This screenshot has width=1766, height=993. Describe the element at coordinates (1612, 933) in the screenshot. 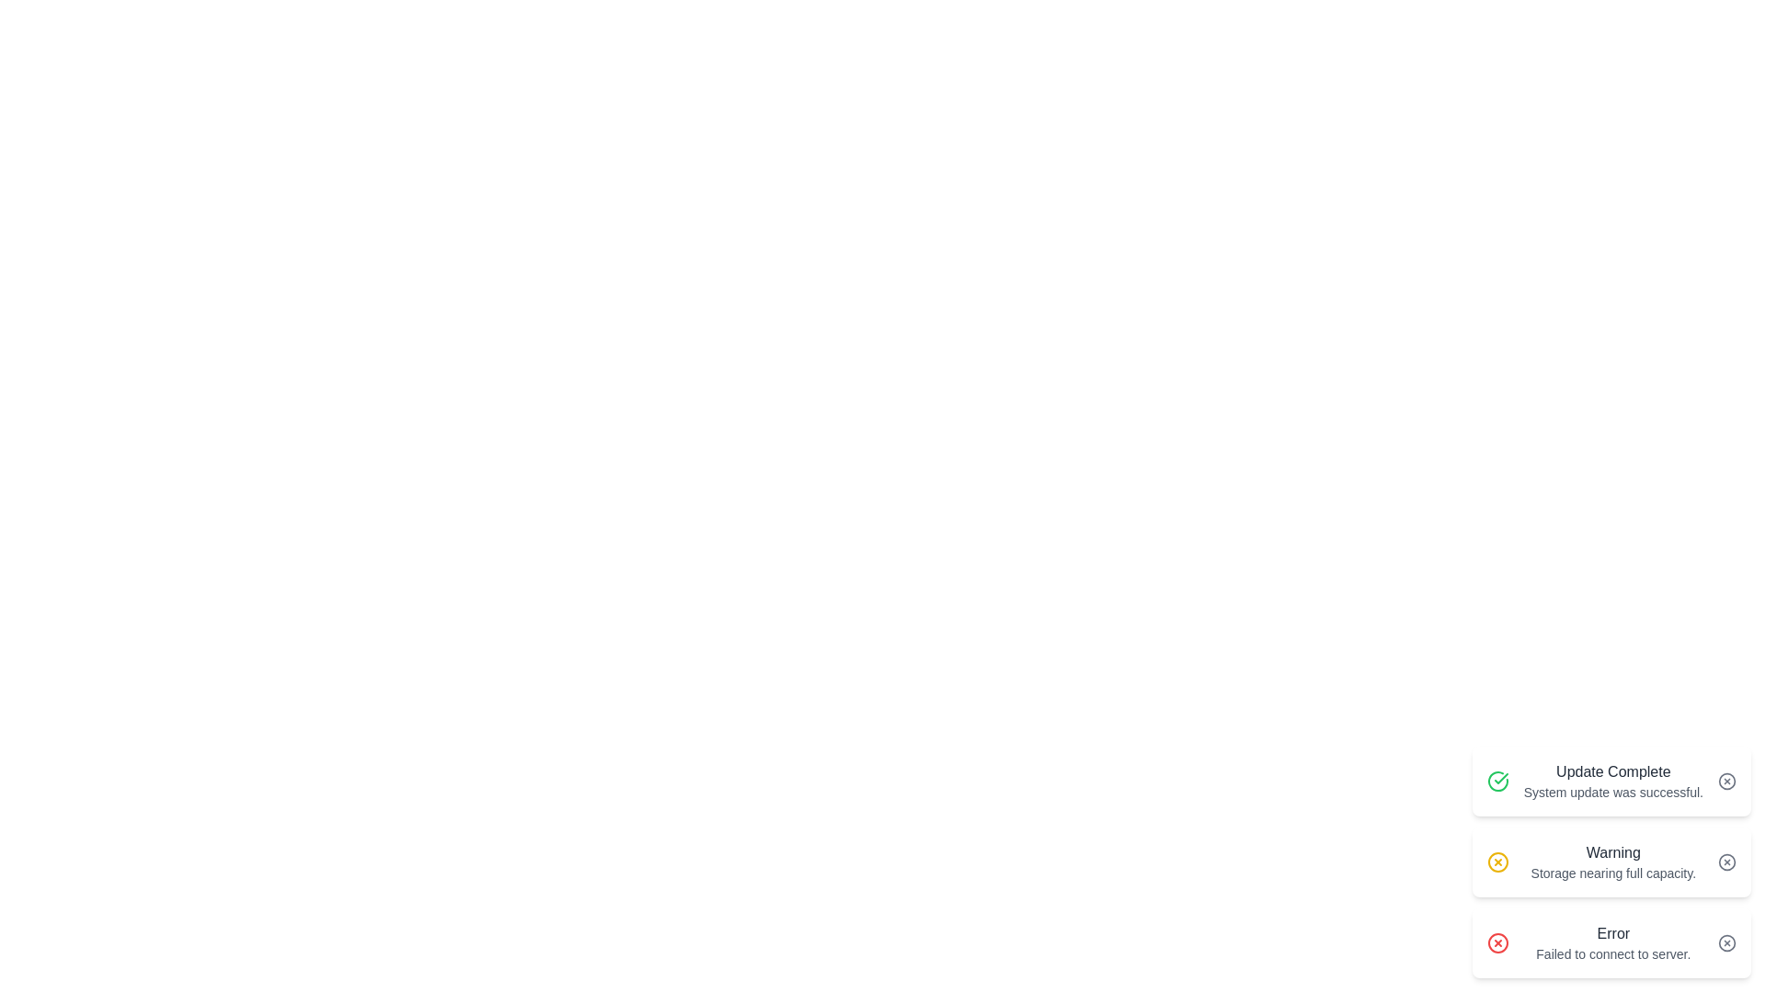

I see `the Text Label that serves as the header for the error alert message, located at the top of the bottommost alert card` at that location.